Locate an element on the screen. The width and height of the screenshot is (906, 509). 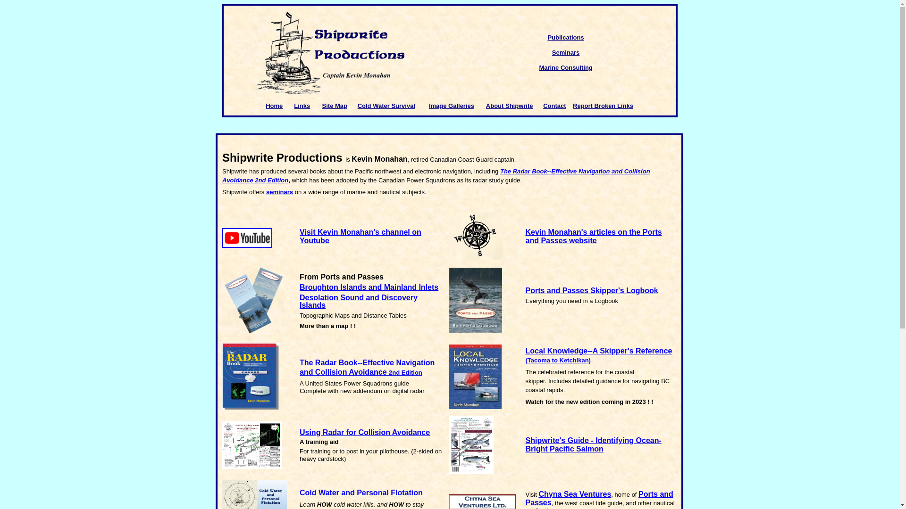
'Shipwrite's Guide - Identifying Ocean-Bright Pacific Salmon' is located at coordinates (593, 444).